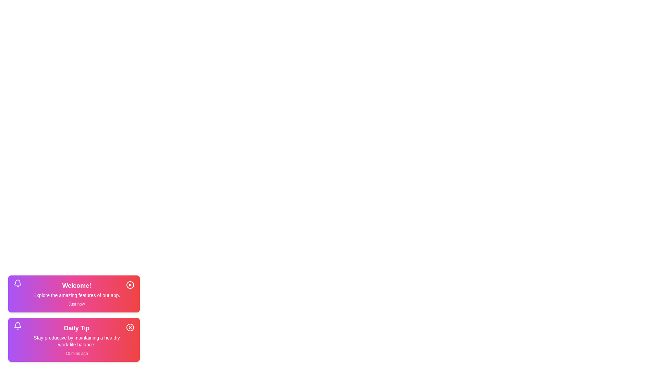  Describe the element at coordinates (130, 285) in the screenshot. I see `the close icon in the notification widget` at that location.